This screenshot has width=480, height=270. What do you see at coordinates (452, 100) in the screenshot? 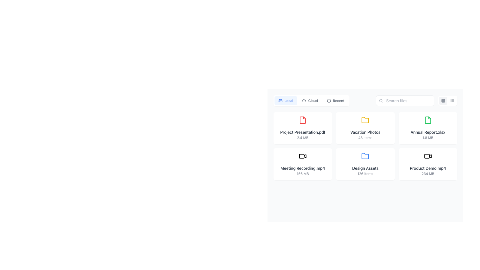
I see `the view toggle button located in the top-right corner of the interface, which is the second interactive option adjacent to a grid layout icon, to switch the content display to a list format` at bounding box center [452, 100].